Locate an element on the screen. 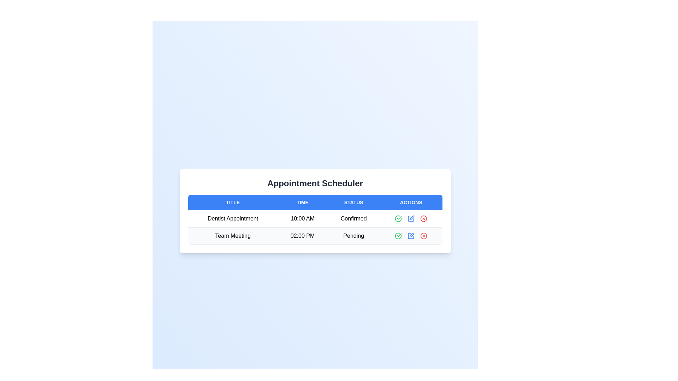 The width and height of the screenshot is (678, 381). the blue-colored edit icon in the Actions column of the second row in the table, associated with the Team Meeting entry is located at coordinates (411, 236).